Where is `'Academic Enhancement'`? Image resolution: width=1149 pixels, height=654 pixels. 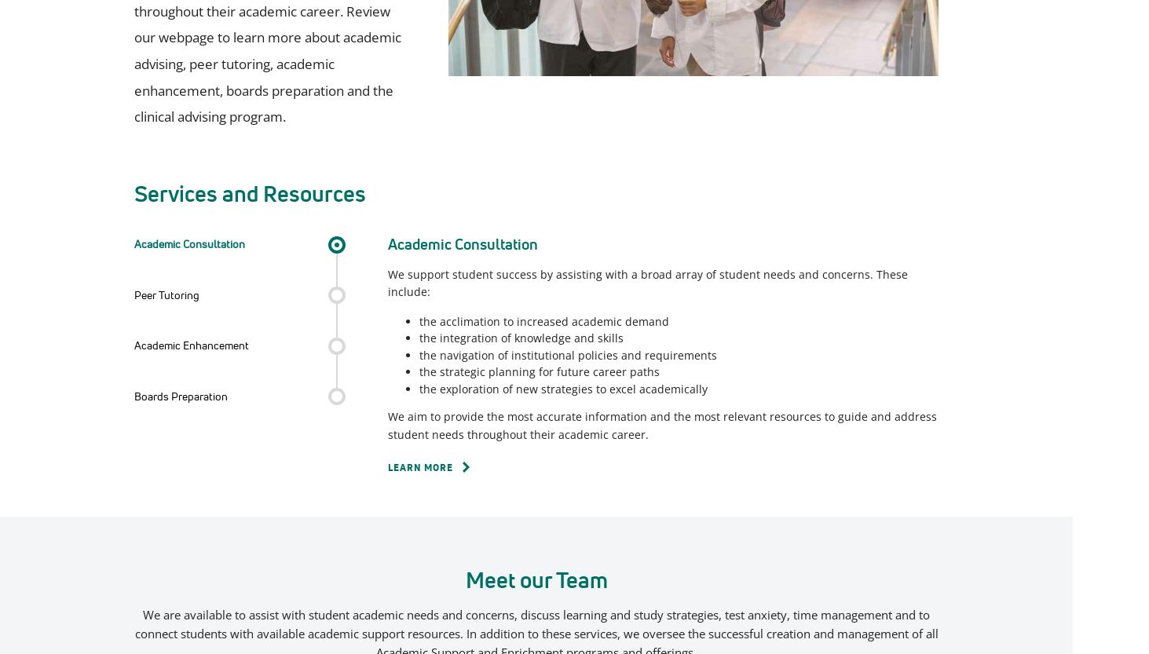
'Academic Enhancement' is located at coordinates (191, 344).